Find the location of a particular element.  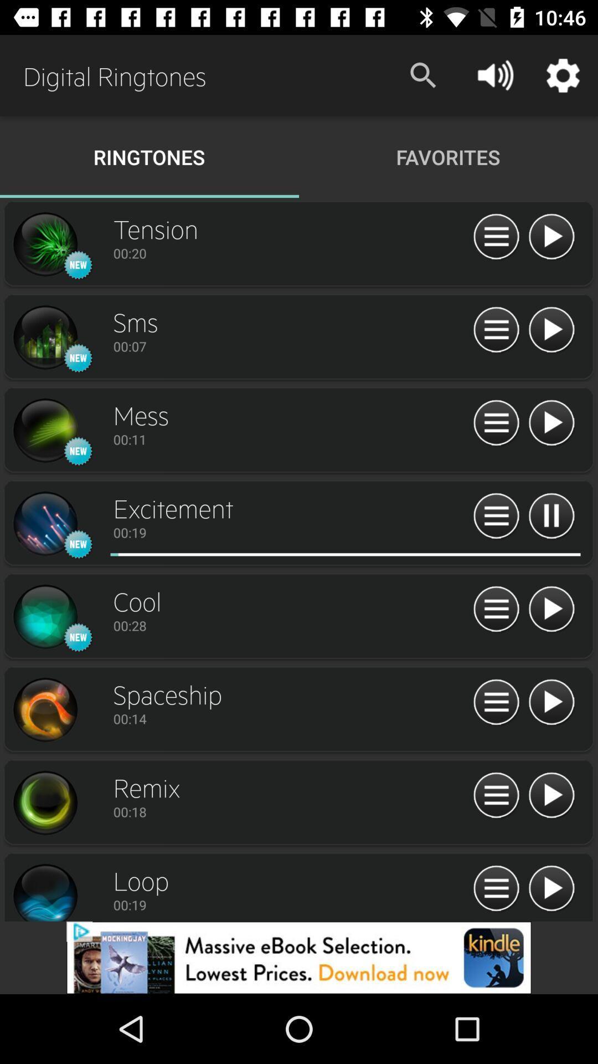

open ringtone details is located at coordinates (44, 803).